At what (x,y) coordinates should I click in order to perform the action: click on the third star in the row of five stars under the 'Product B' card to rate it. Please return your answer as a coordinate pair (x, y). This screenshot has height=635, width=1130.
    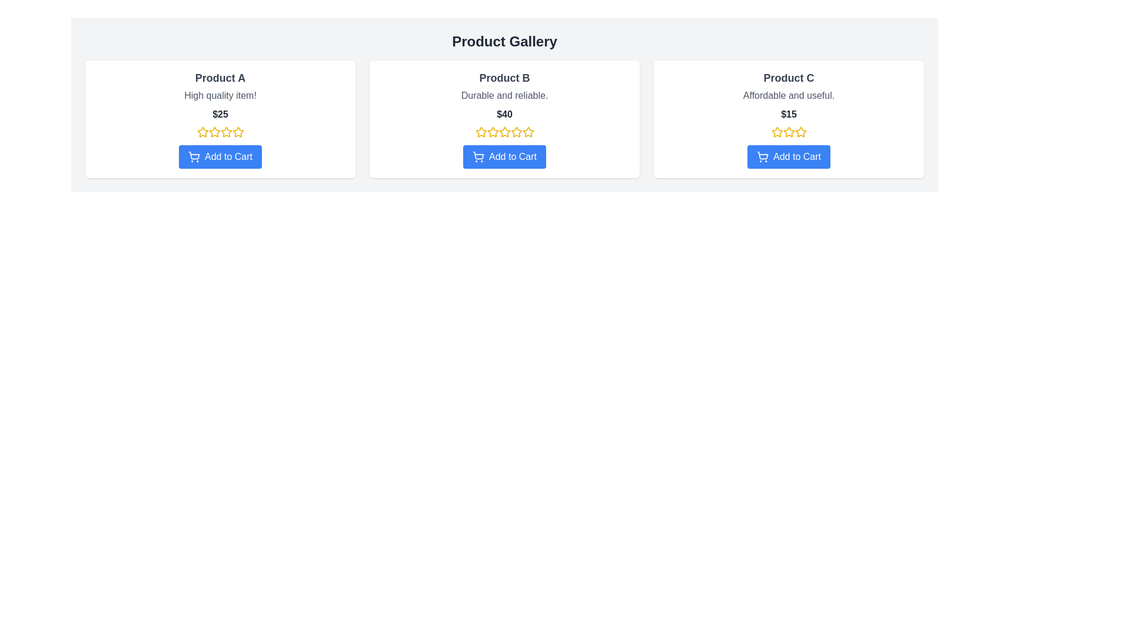
    Looking at the image, I should click on (527, 132).